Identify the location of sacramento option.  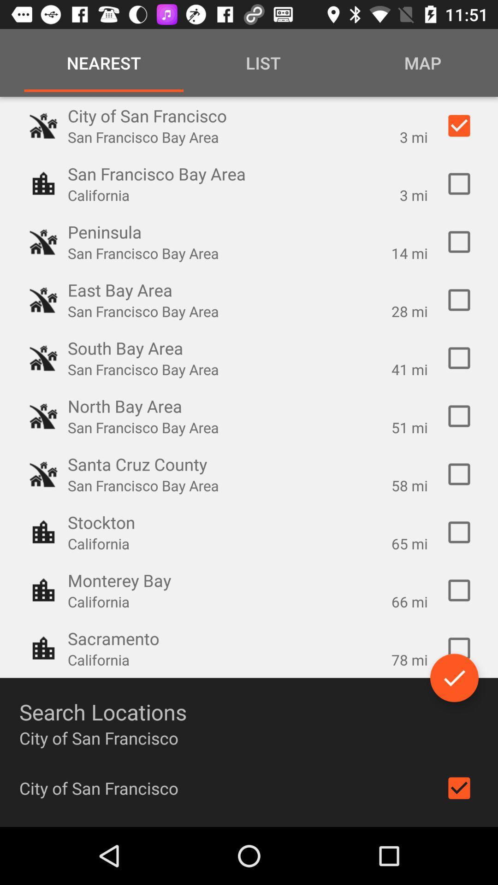
(459, 648).